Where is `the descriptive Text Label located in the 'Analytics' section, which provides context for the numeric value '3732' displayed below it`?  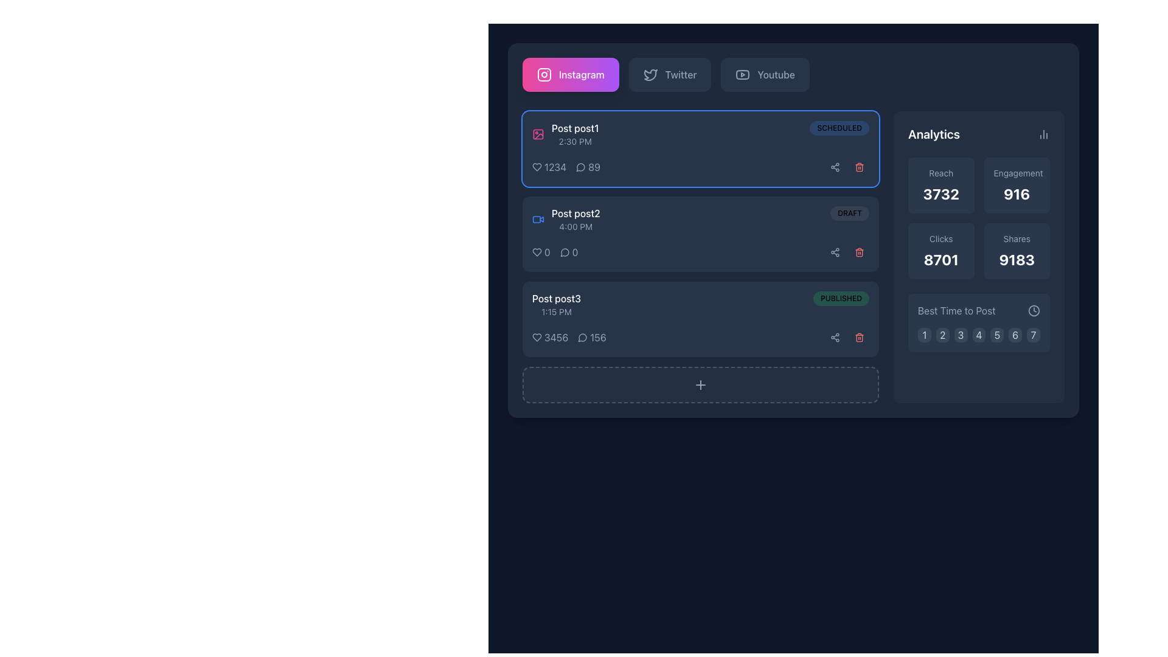
the descriptive Text Label located in the 'Analytics' section, which provides context for the numeric value '3732' displayed below it is located at coordinates (940, 173).